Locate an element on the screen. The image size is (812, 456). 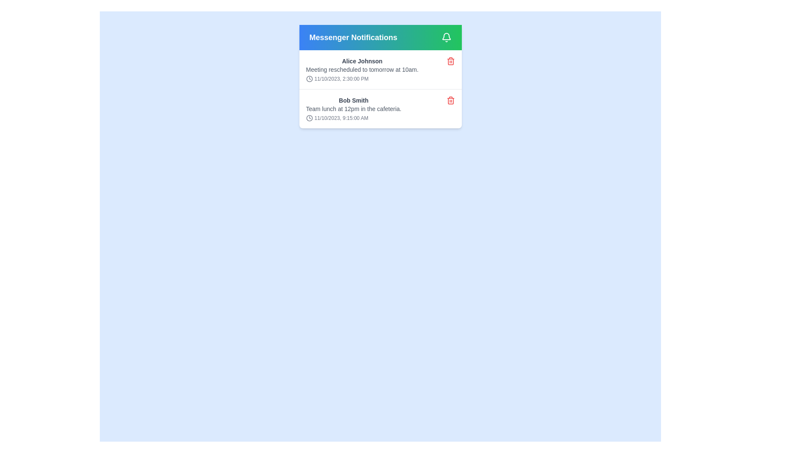
the notification text displaying an event or activity for user 'Bob Smith', which is positioned between the name and the timestamp is located at coordinates (354, 109).